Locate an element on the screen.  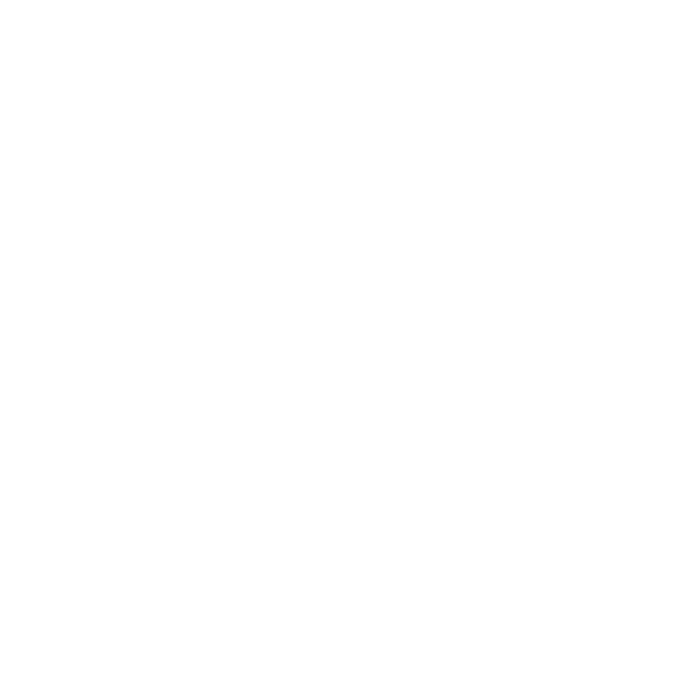
'RNA is ready for all downstream applications including Next-Gen Sequencing, RT-qPCR, hybridization, etc.' is located at coordinates (379, 555).